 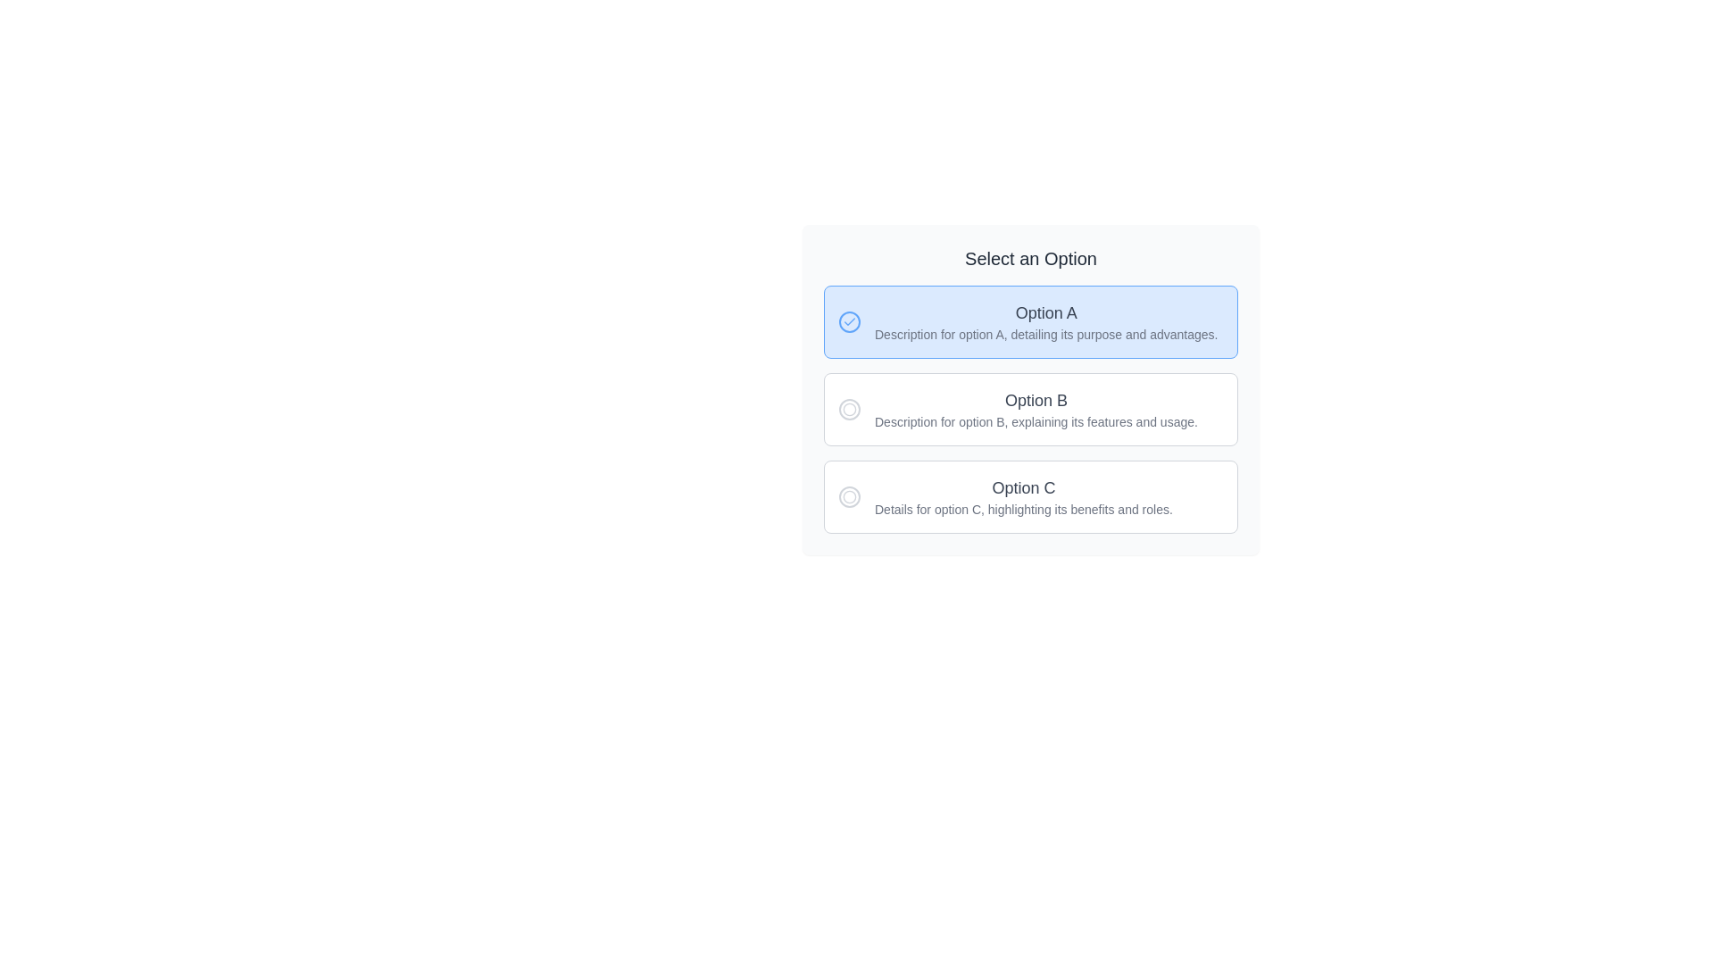 What do you see at coordinates (1046, 312) in the screenshot?
I see `the 'Option A' text label` at bounding box center [1046, 312].